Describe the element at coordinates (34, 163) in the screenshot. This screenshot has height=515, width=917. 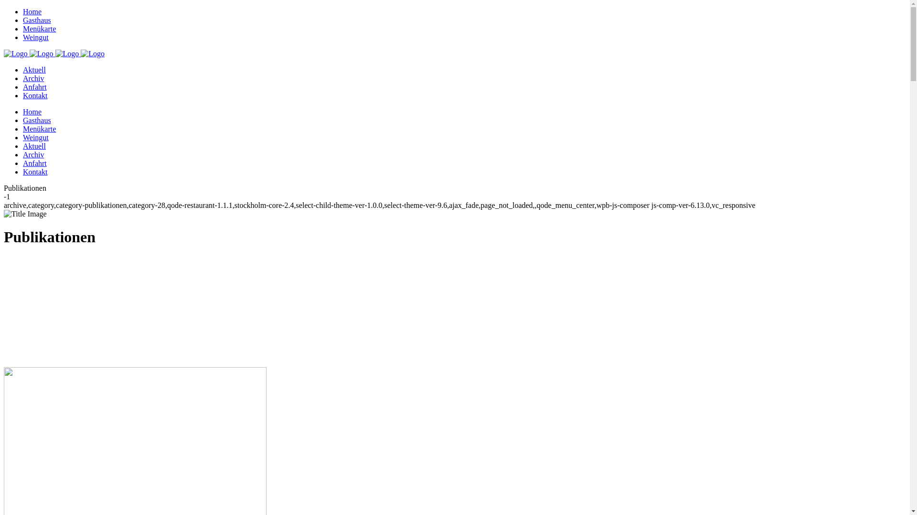
I see `'Anfahrt'` at that location.